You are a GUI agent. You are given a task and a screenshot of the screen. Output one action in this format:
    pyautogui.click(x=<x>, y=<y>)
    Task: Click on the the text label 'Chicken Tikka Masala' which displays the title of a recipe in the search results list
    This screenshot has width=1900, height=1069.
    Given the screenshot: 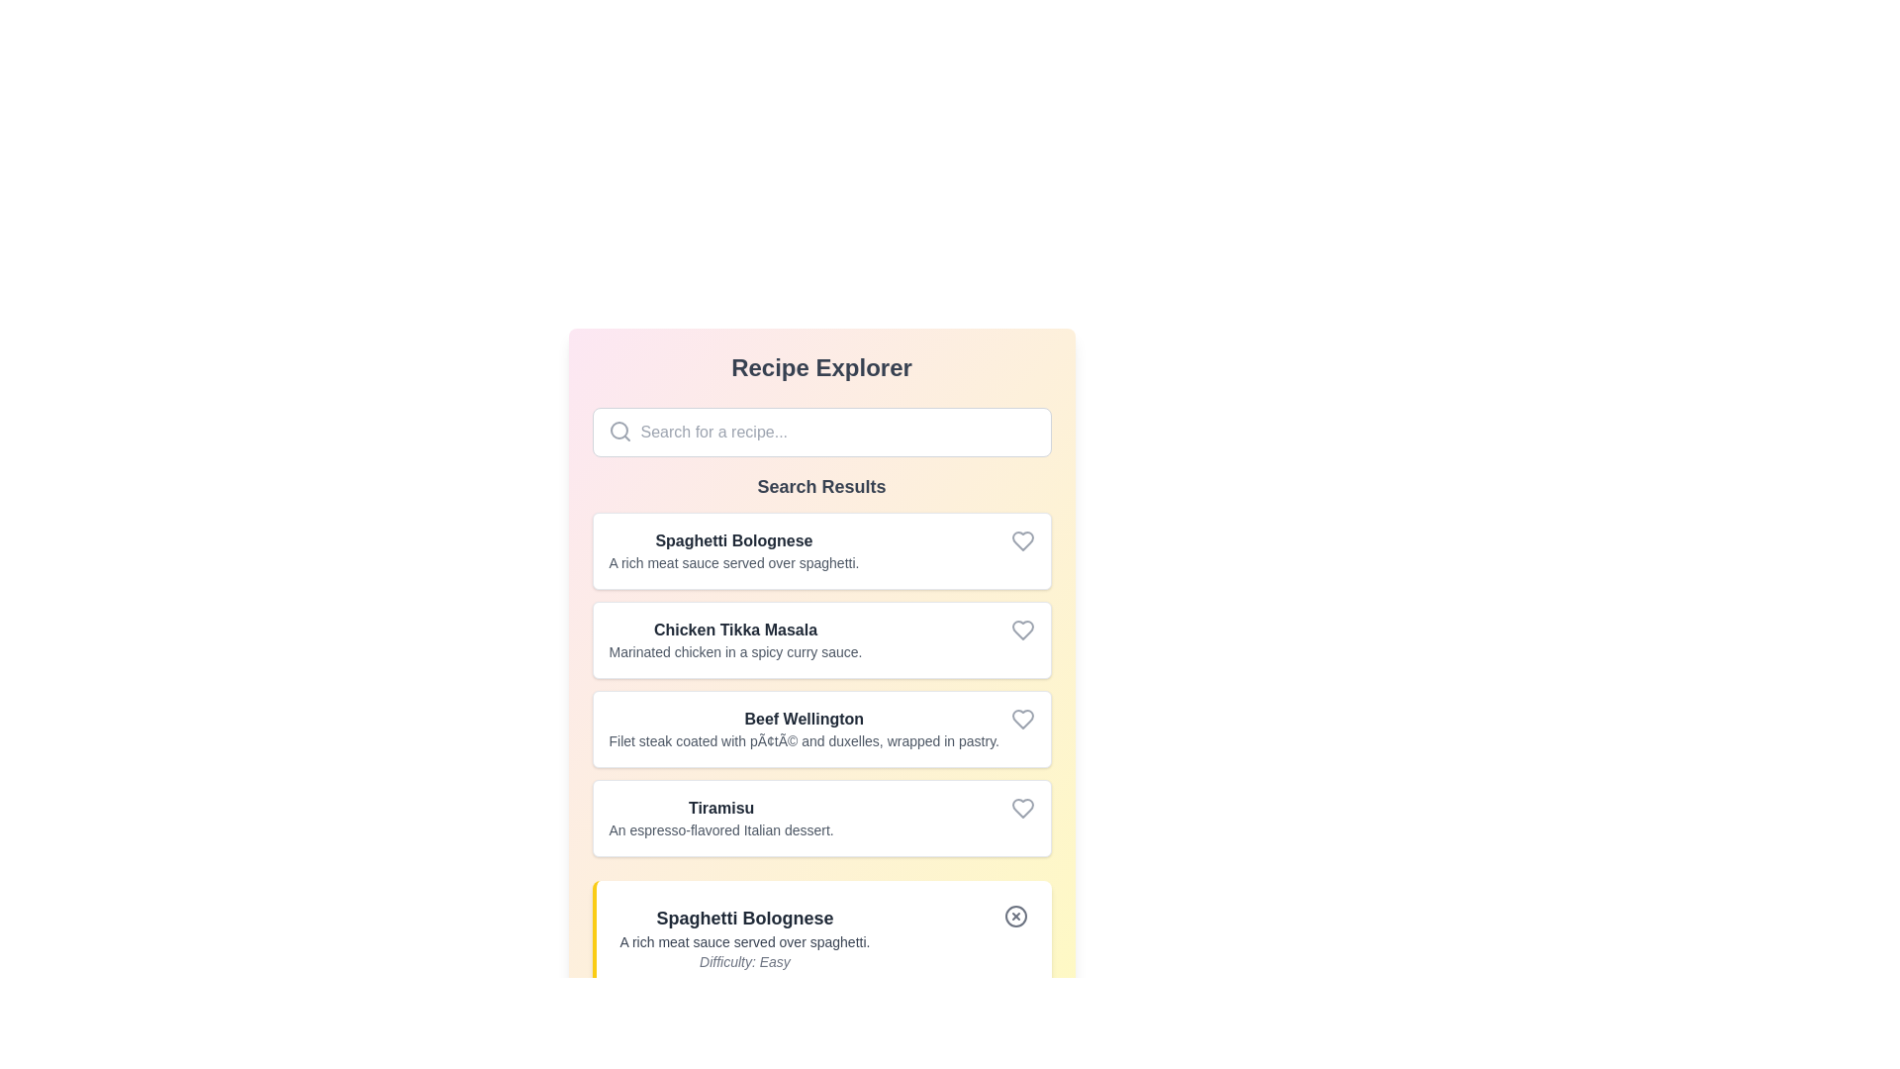 What is the action you would take?
    pyautogui.click(x=734, y=630)
    